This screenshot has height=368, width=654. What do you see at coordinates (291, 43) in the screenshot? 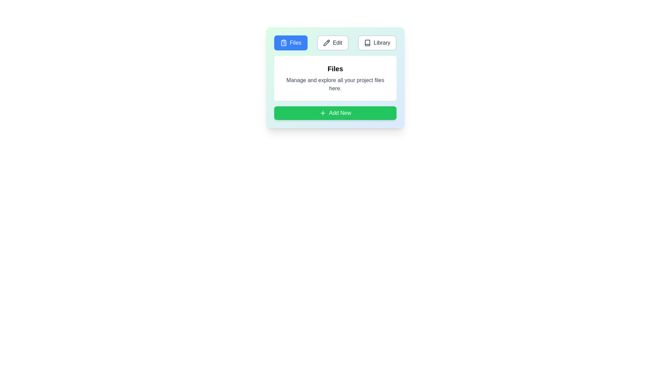
I see `the tab labeled Files` at bounding box center [291, 43].